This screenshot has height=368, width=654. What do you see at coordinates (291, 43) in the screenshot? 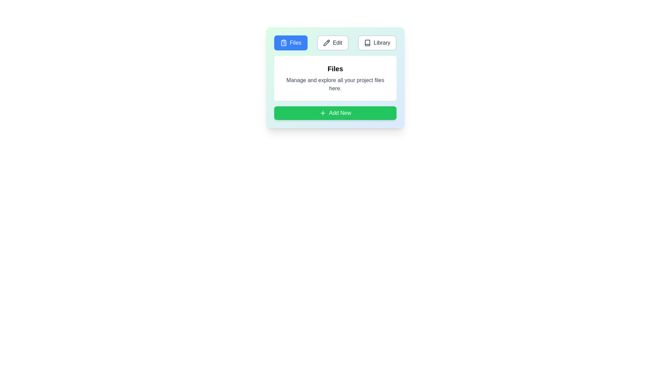
I see `the tab labeled Files` at bounding box center [291, 43].